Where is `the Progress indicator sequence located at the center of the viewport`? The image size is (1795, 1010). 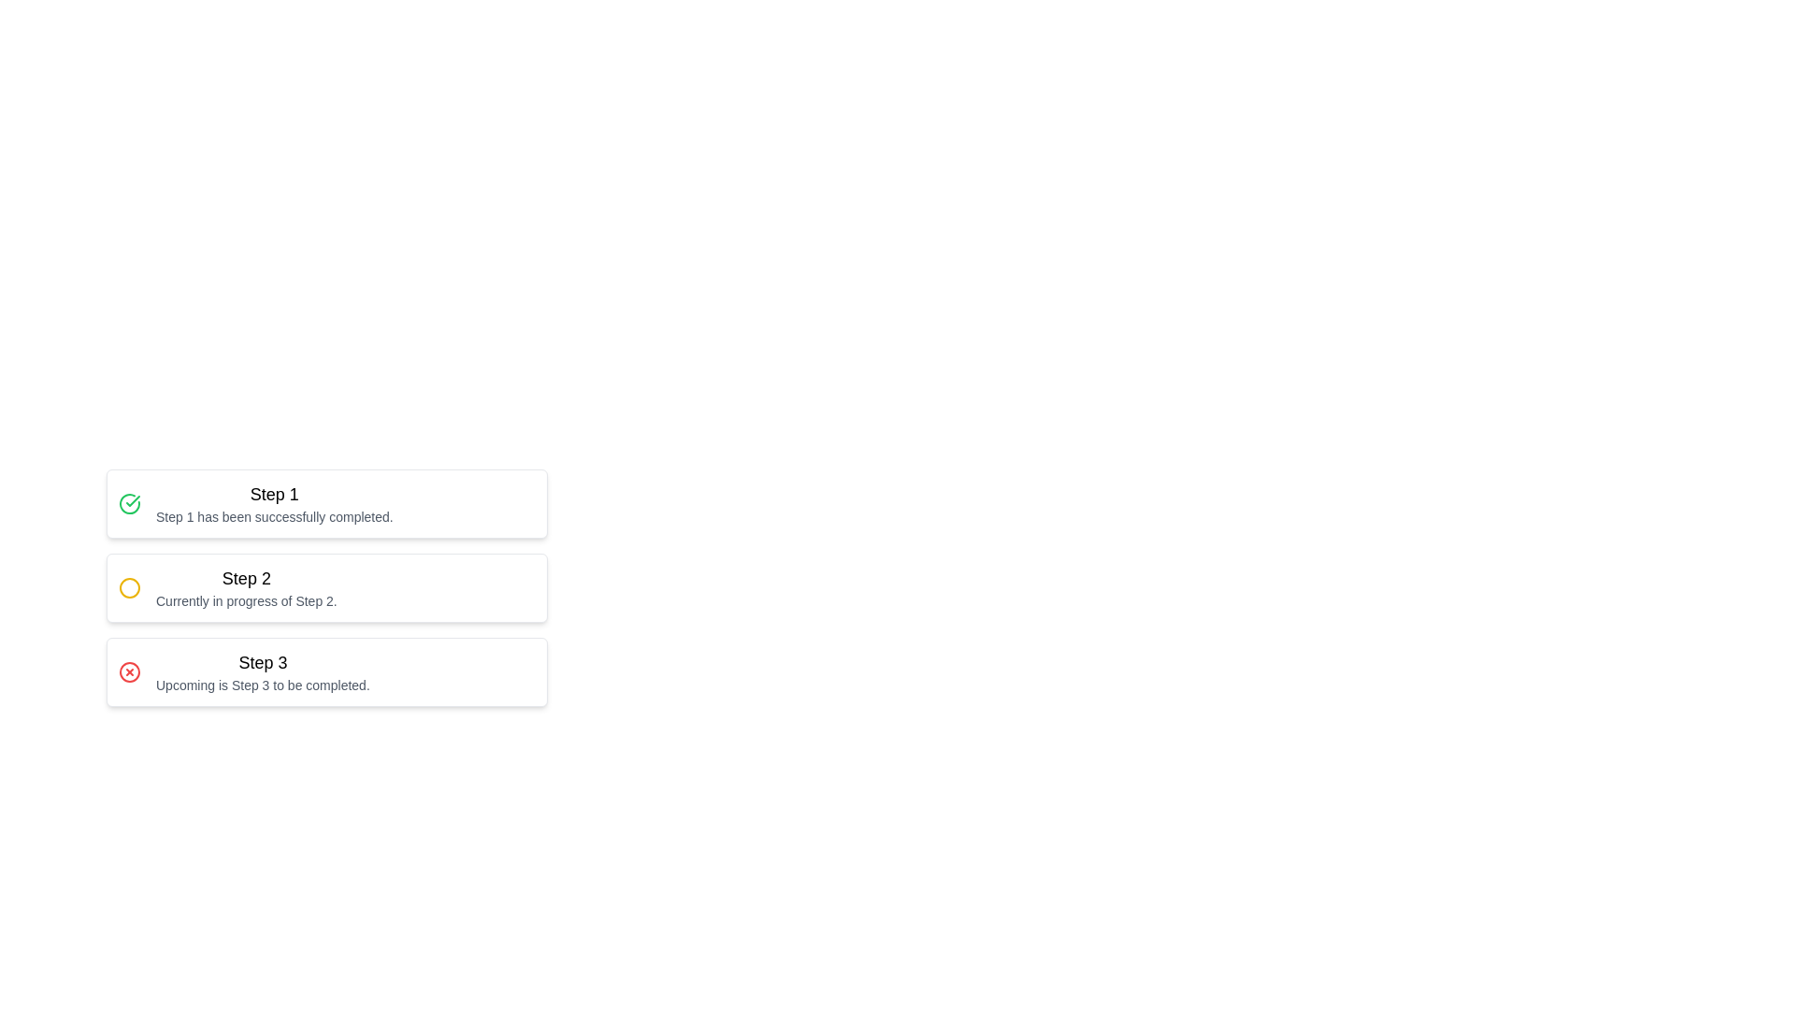
the Progress indicator sequence located at the center of the viewport is located at coordinates (484, 648).